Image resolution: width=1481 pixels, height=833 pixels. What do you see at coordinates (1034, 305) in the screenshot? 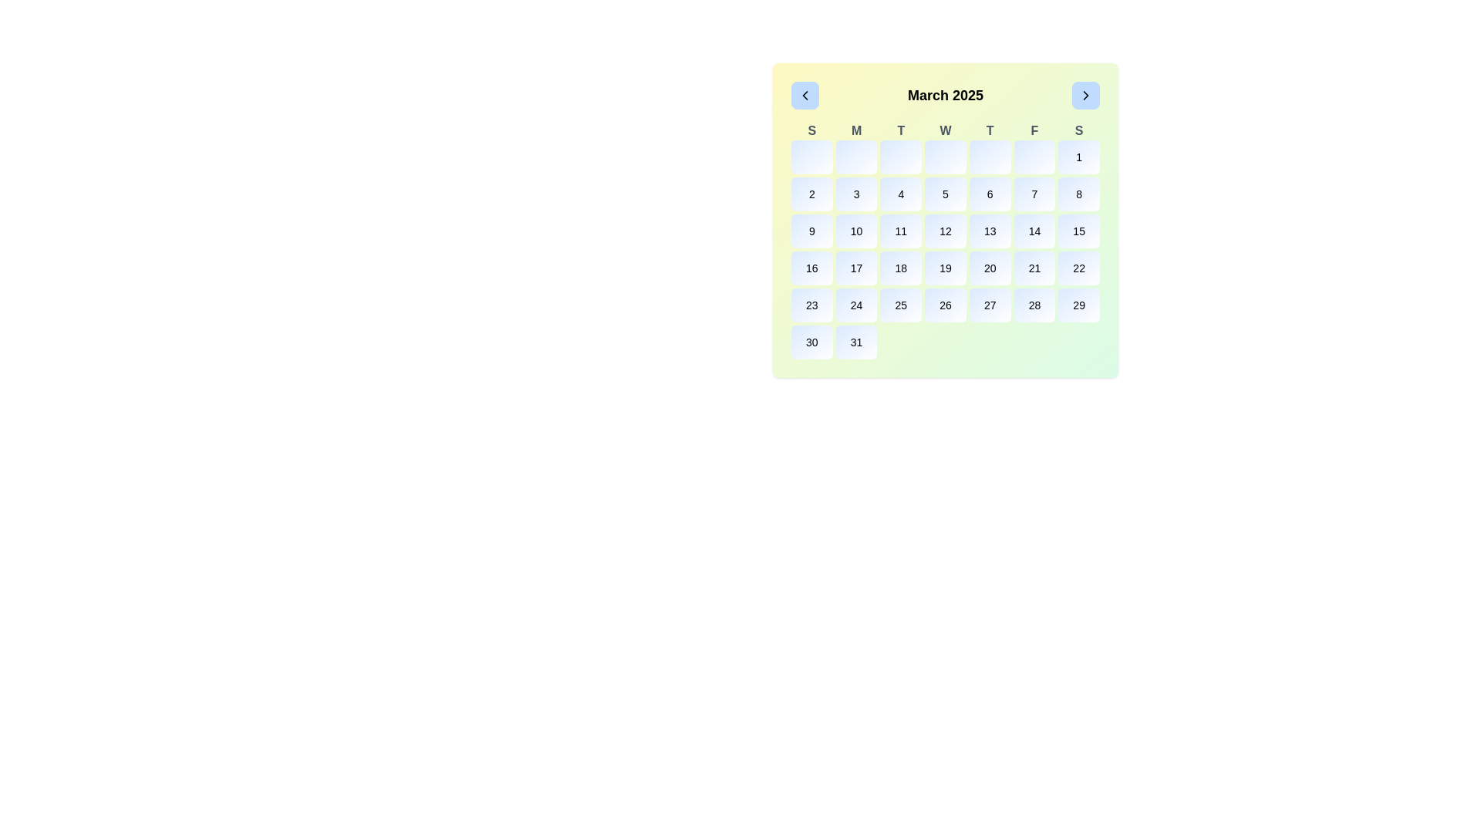
I see `the interactive date selection button for the day '28' in the calendar for March 2025` at bounding box center [1034, 305].